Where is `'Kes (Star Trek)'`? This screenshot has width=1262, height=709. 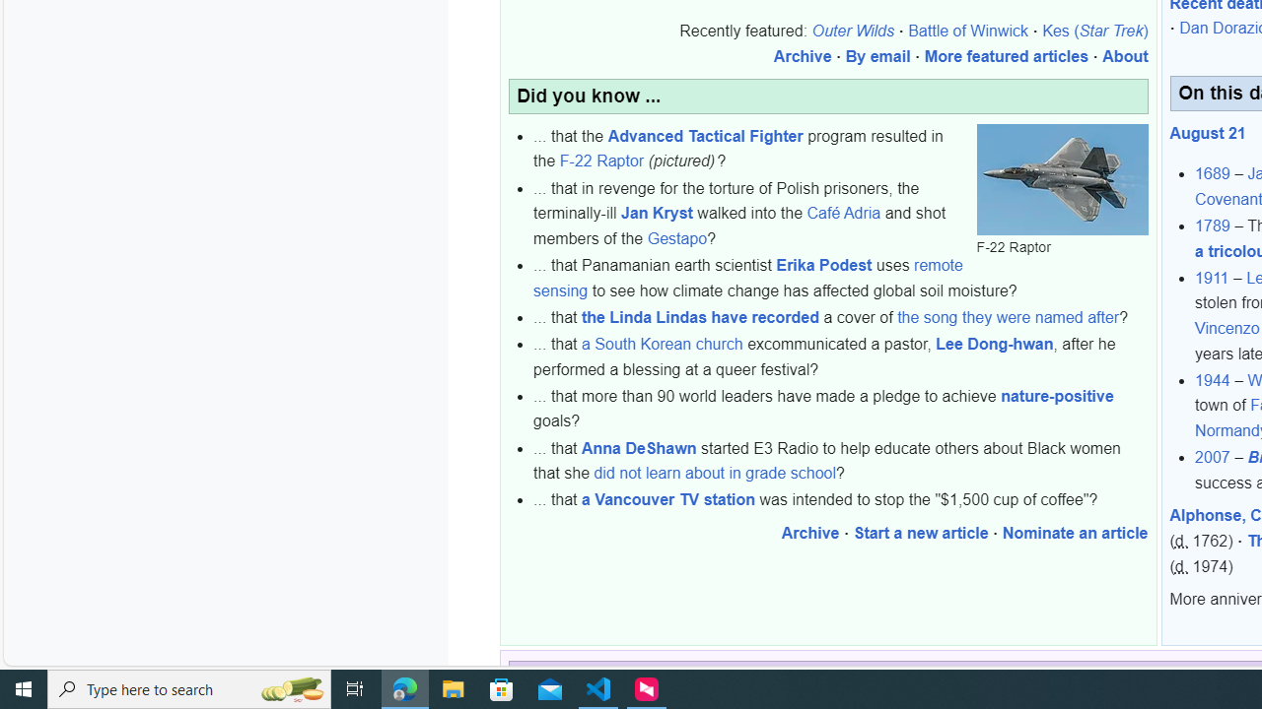 'Kes (Star Trek)' is located at coordinates (1094, 32).